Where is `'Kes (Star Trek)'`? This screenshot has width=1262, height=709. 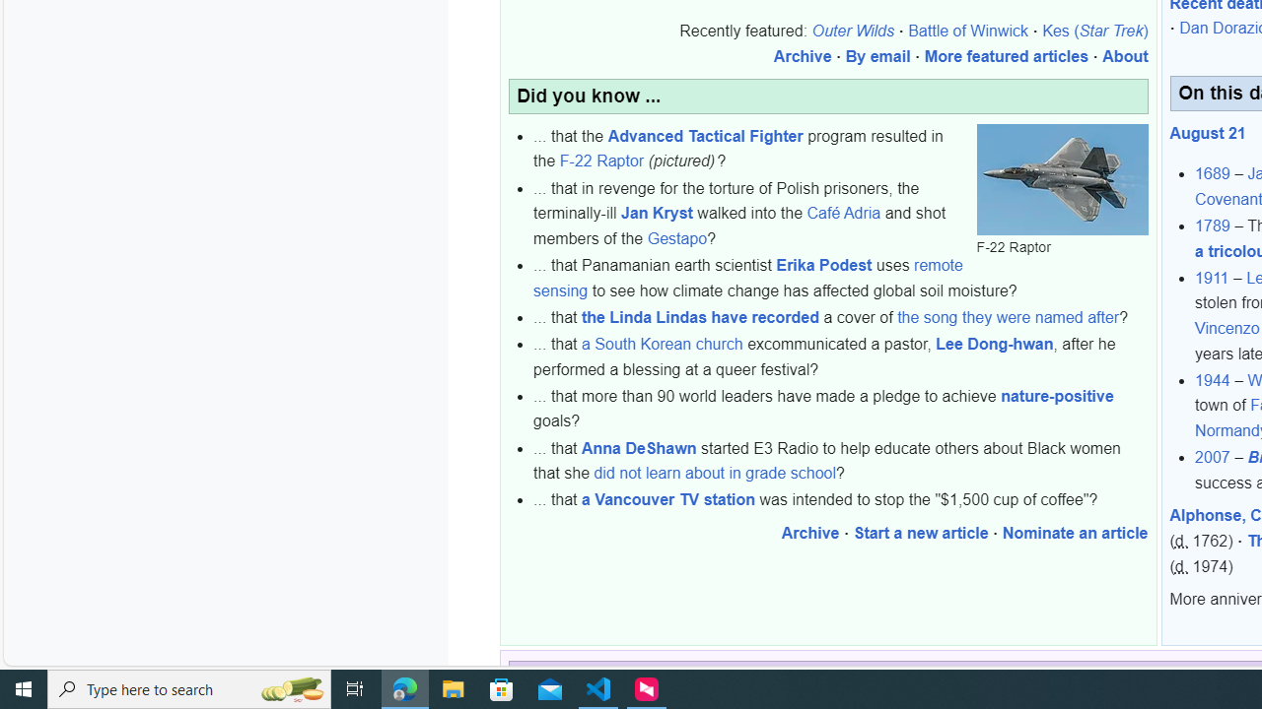 'Kes (Star Trek)' is located at coordinates (1094, 32).